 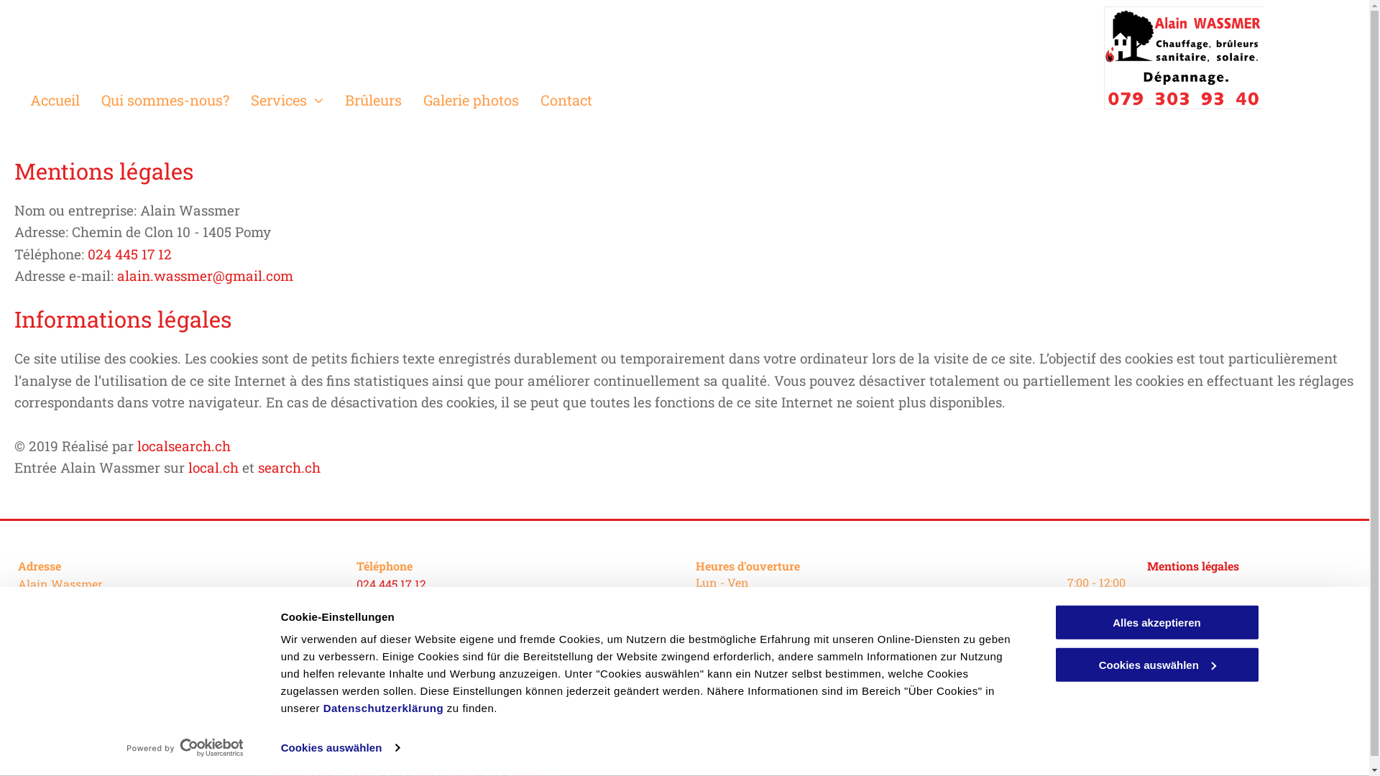 I want to click on 'Galerie photos', so click(x=423, y=98).